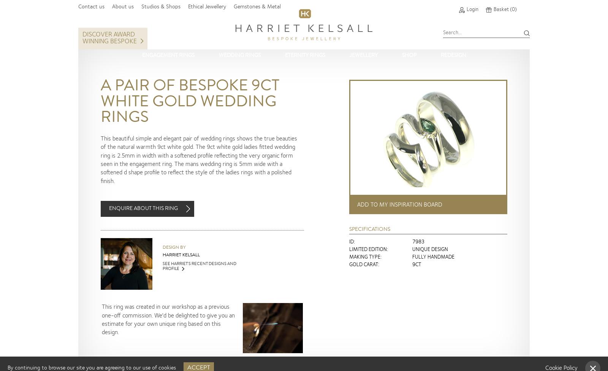 The height and width of the screenshot is (371, 608). What do you see at coordinates (418, 242) in the screenshot?
I see `'7983'` at bounding box center [418, 242].